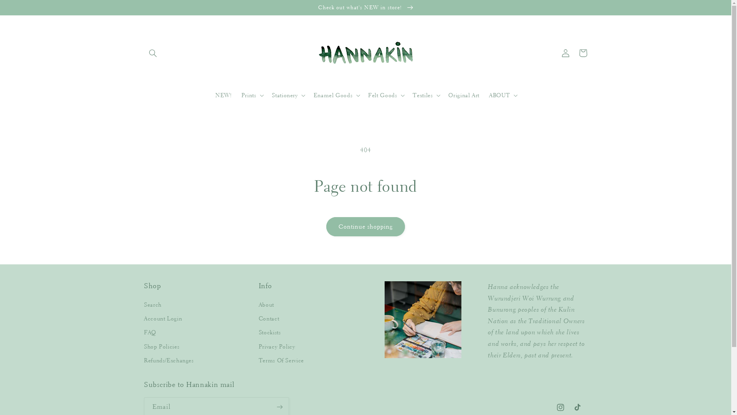  Describe the element at coordinates (464, 95) in the screenshot. I see `'Original Art'` at that location.